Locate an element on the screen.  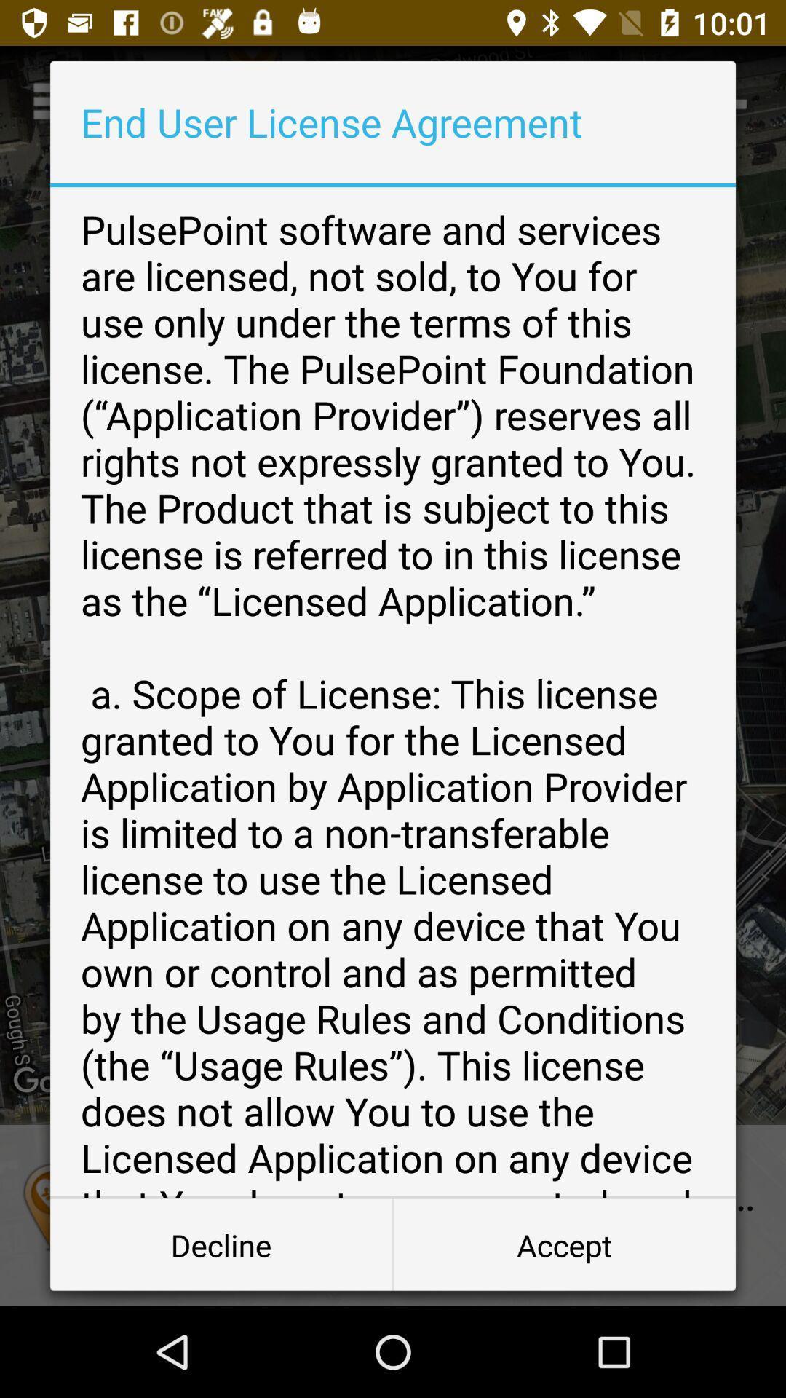
item at the bottom left corner is located at coordinates (221, 1244).